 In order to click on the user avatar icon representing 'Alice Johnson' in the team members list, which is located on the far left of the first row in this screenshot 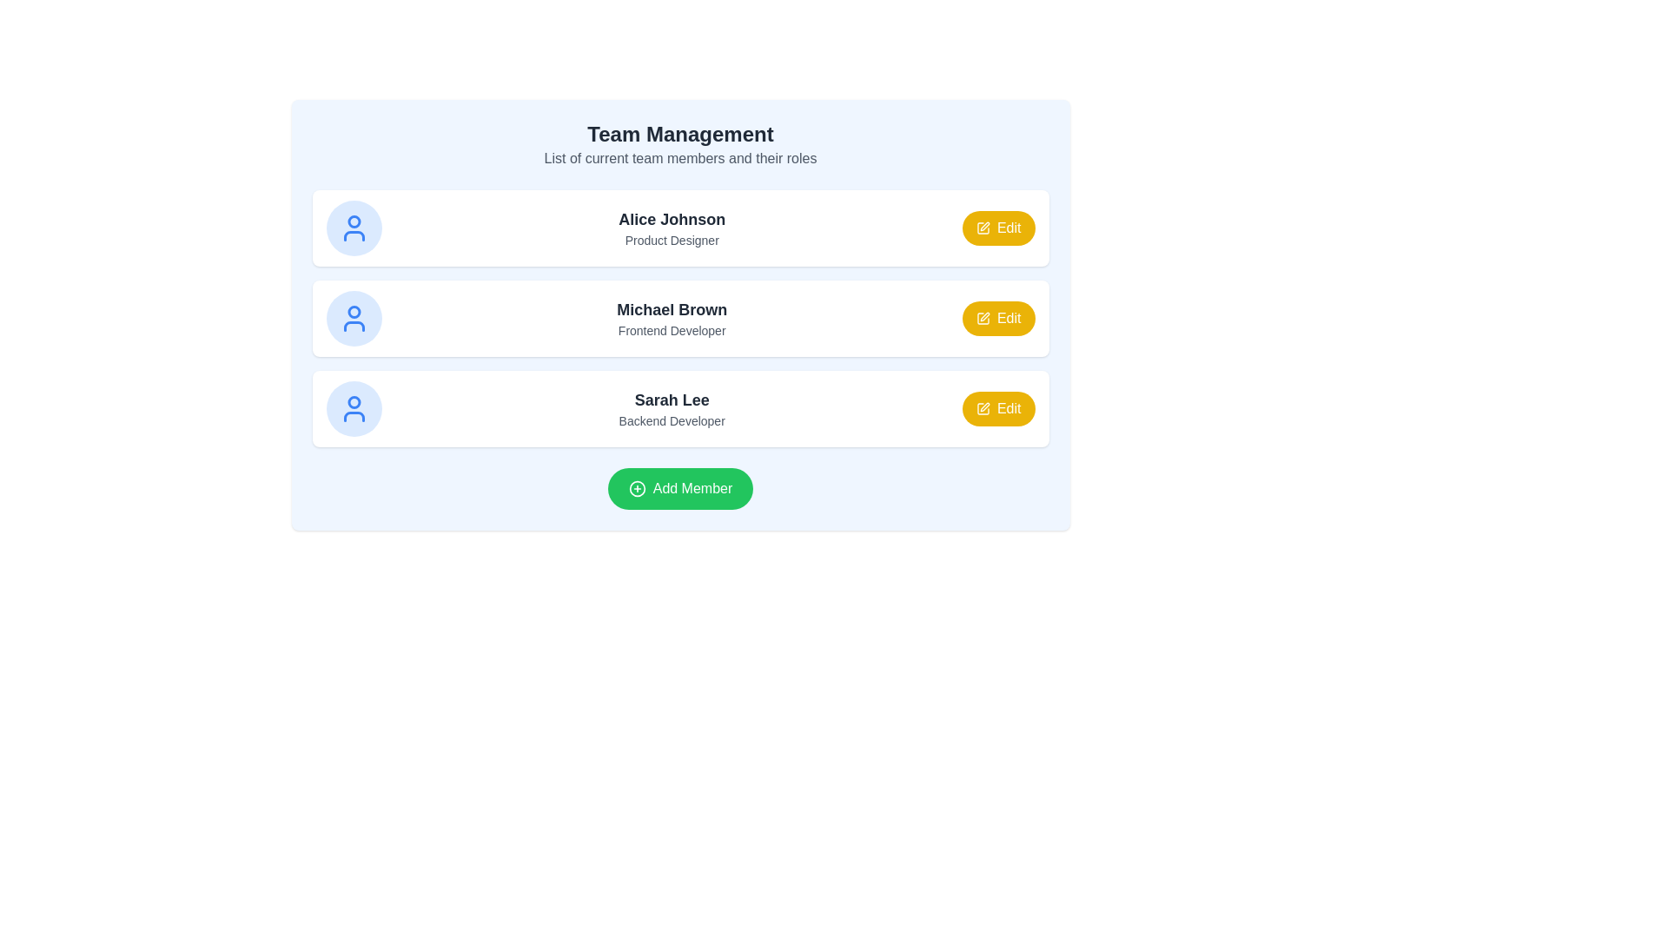, I will do `click(353, 227)`.